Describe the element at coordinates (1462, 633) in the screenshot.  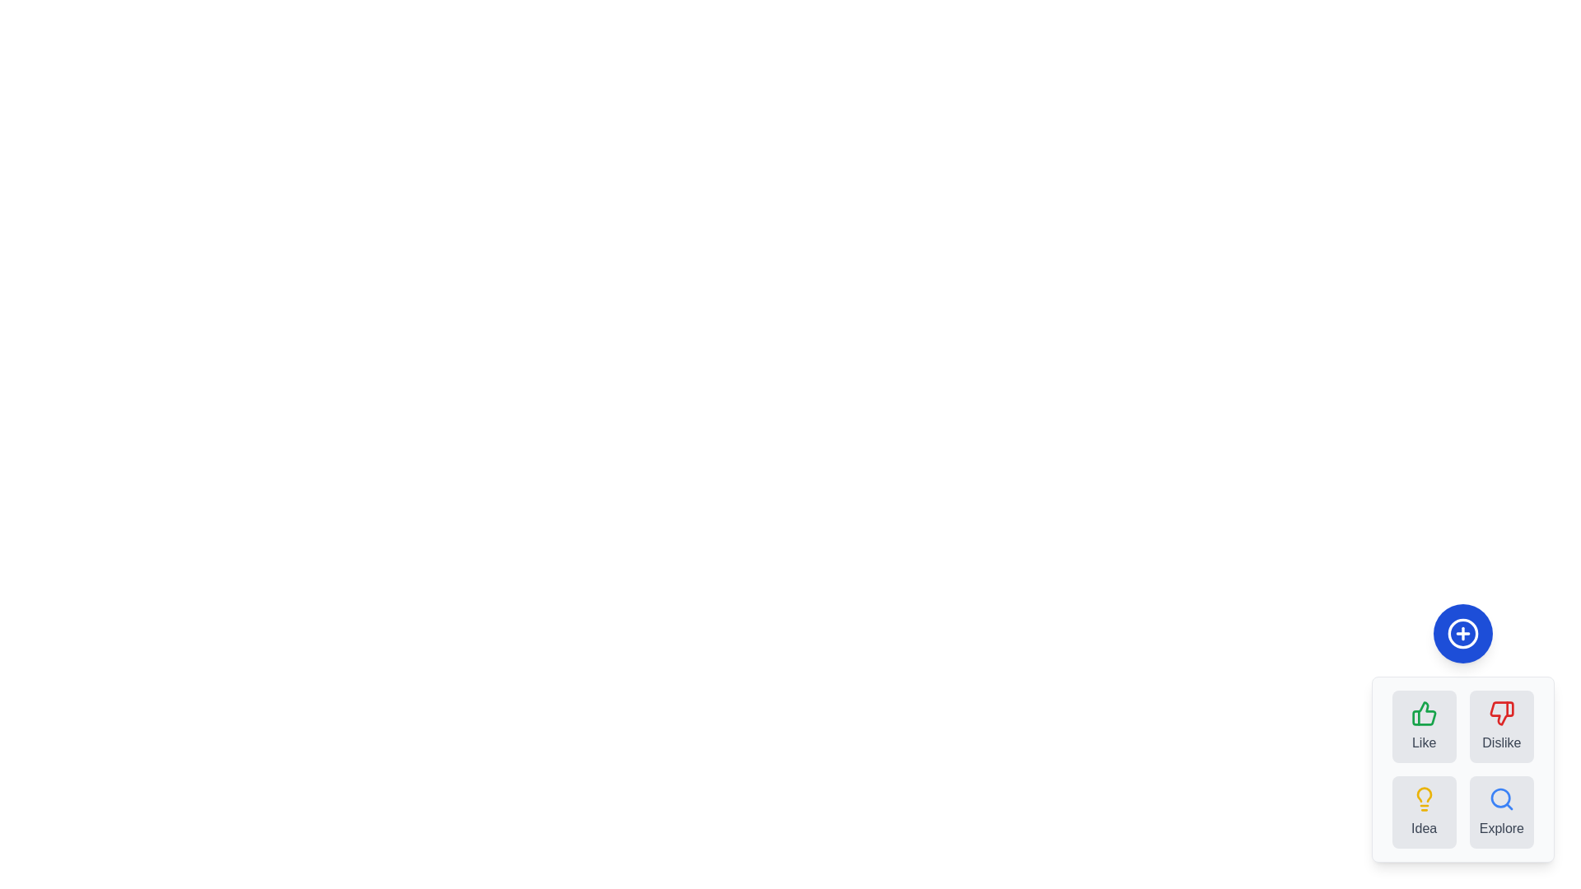
I see `the '+' button to toggle the menu visibility` at that location.